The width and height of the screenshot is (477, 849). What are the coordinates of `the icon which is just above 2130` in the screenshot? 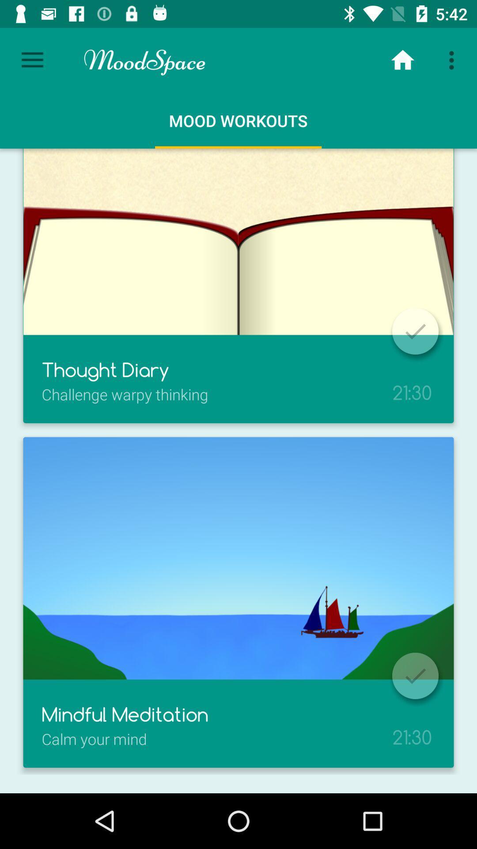 It's located at (416, 675).